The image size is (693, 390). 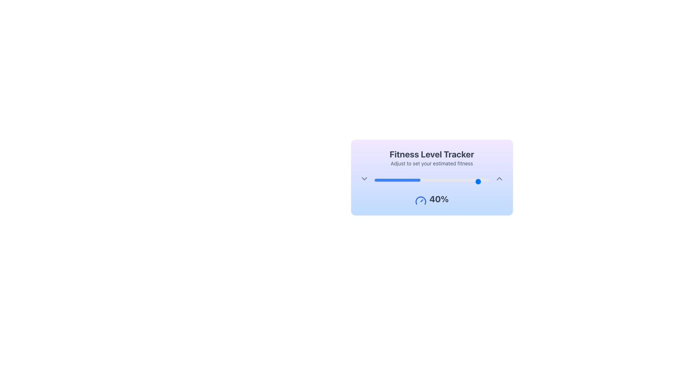 What do you see at coordinates (388, 178) in the screenshot?
I see `the slider value` at bounding box center [388, 178].